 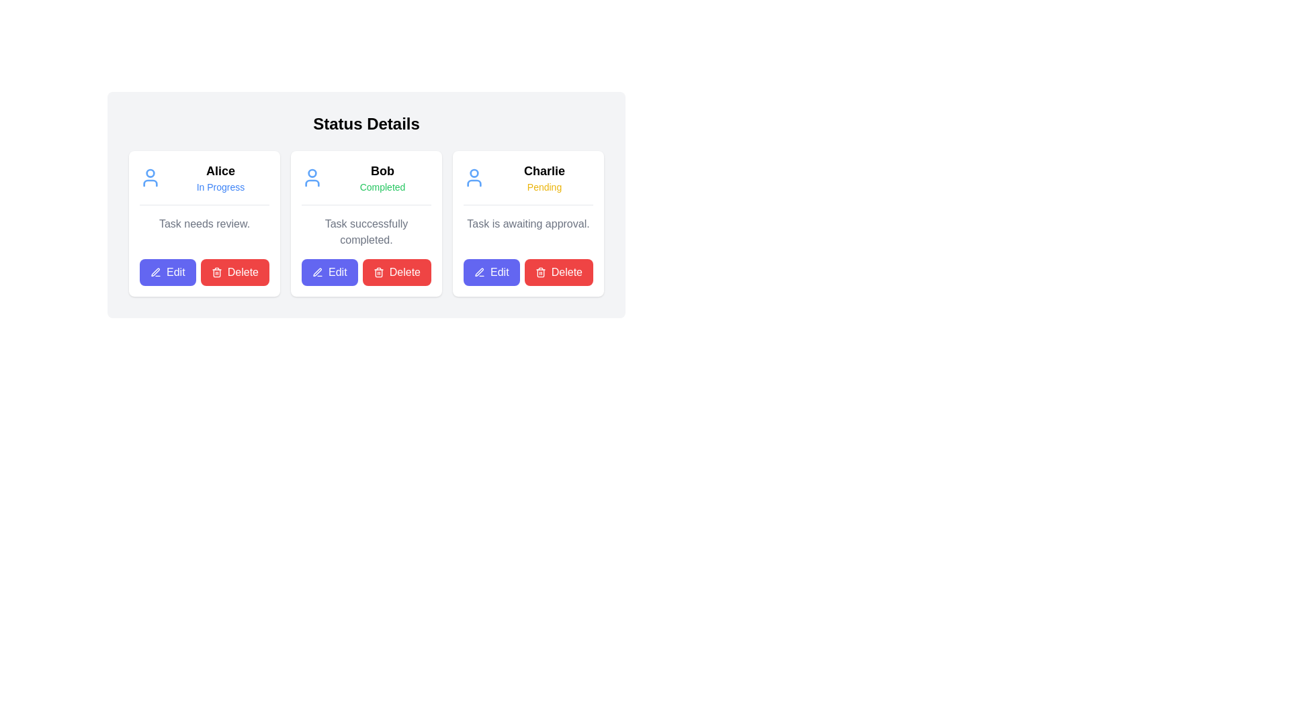 I want to click on the text label 'Bob', which is styled in bold and larger font, positioned above the green text 'Completed' in the middle panel titled 'Bob Completed', so click(x=382, y=170).